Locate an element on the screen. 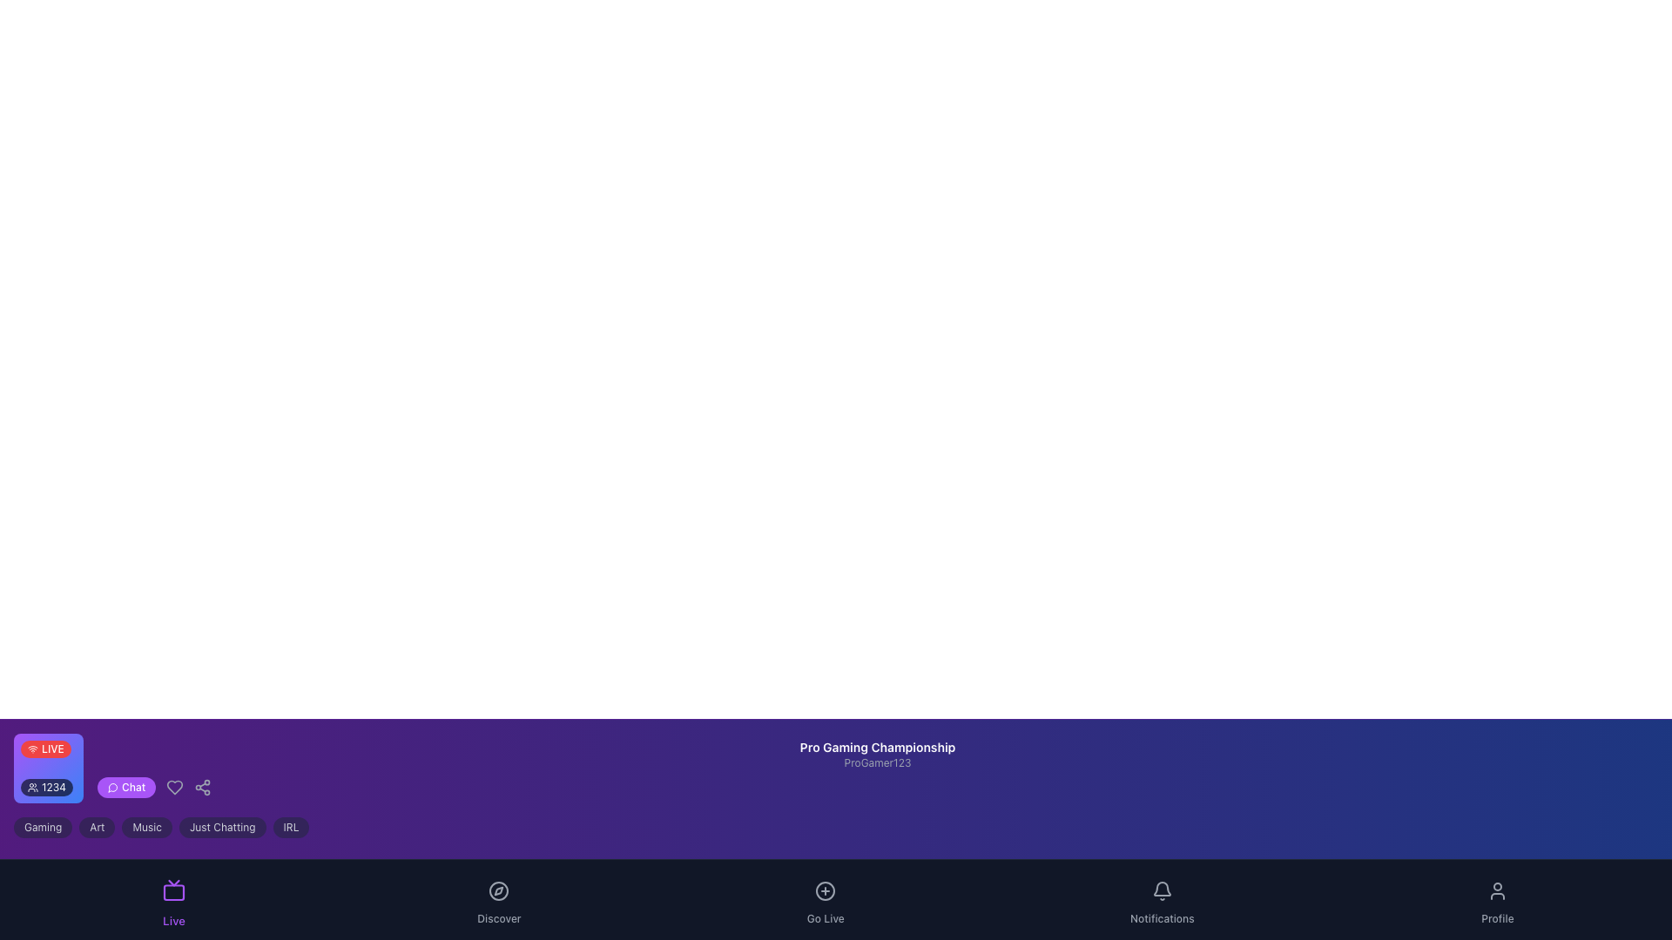 Image resolution: width=1672 pixels, height=940 pixels. the purple television-shaped icon labeled 'Live' in the bottom navigation bar is located at coordinates (174, 899).